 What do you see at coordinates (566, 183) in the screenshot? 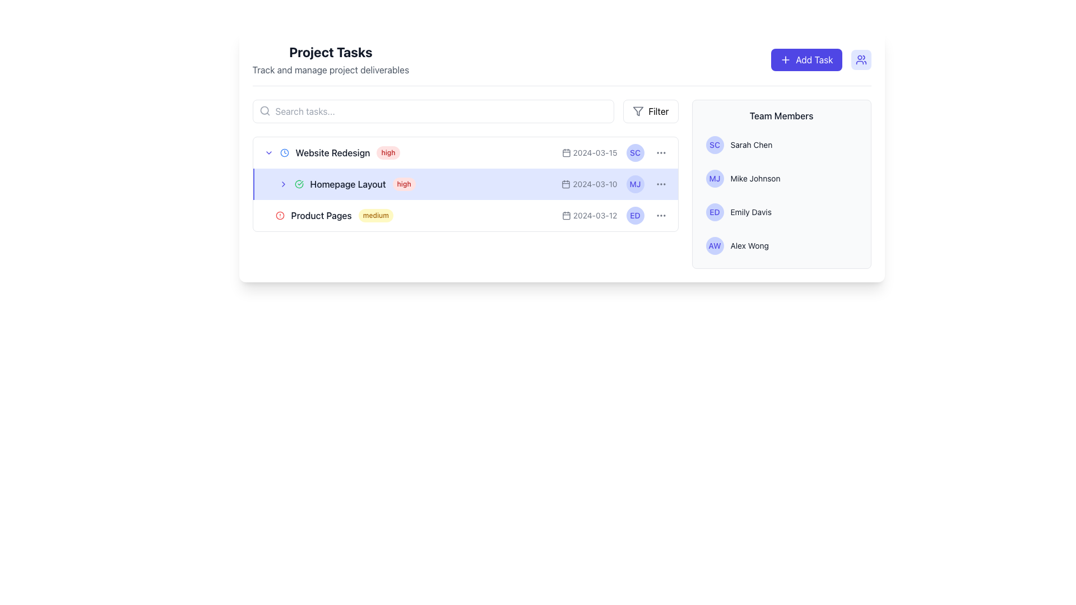
I see `the calendar icon to interact with the due date associated with the task 'Homepage Layout'. This icon is located to the left of the date text '2024-03-10' within the blue-highlighted task row` at bounding box center [566, 183].